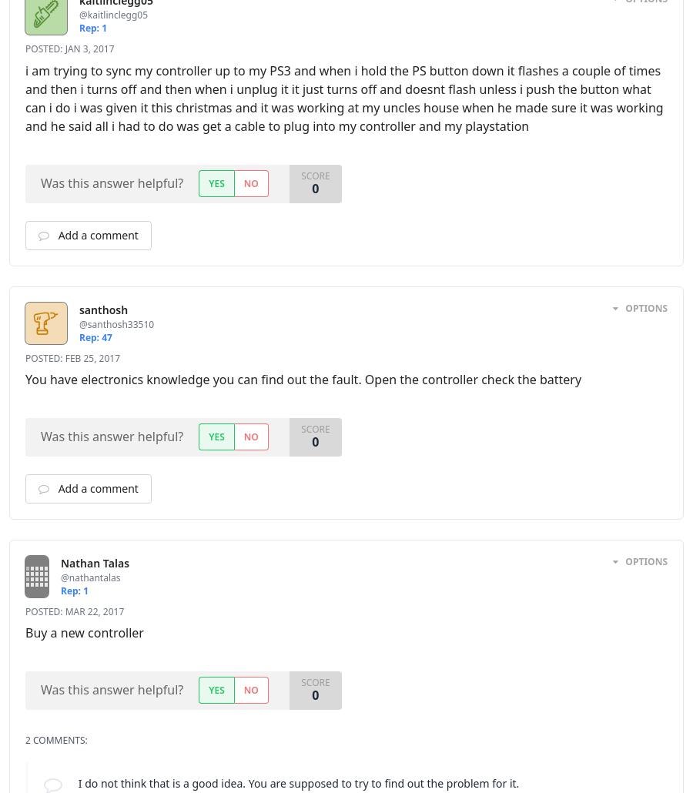 This screenshot has width=693, height=793. What do you see at coordinates (113, 562) in the screenshot?
I see `'Nathan Talas'` at bounding box center [113, 562].